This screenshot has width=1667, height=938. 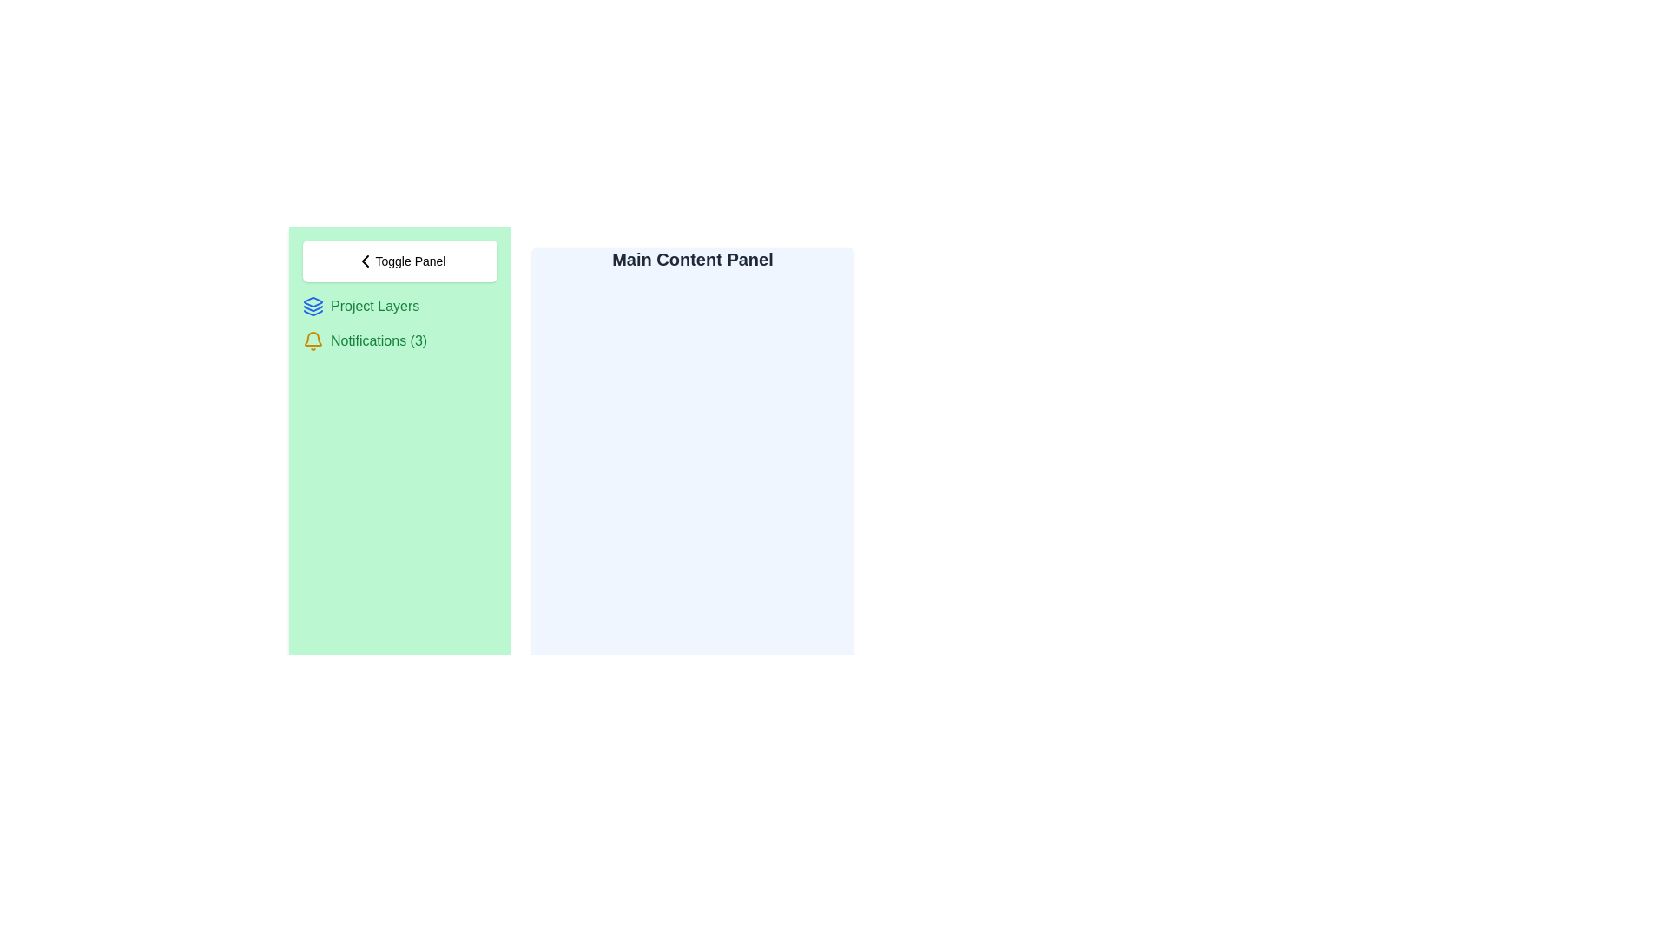 I want to click on the grouped display element containing icons and textual labels for 'Project Layers' and 'Notifications', located in the green panel on the left side of the interface, so click(x=399, y=324).